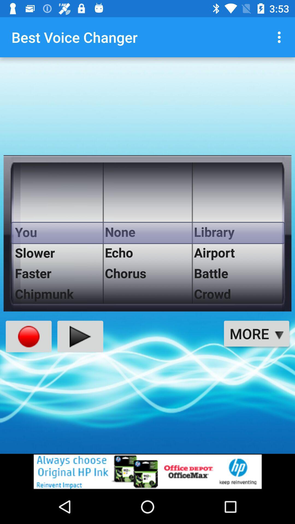 This screenshot has width=295, height=524. Describe the element at coordinates (80, 336) in the screenshot. I see `the play icon` at that location.